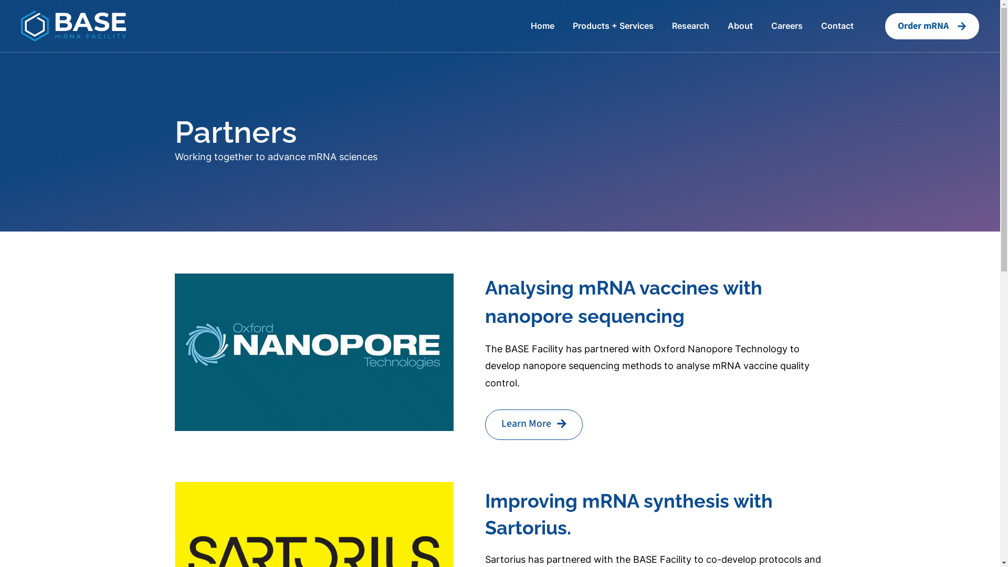 The image size is (1008, 567). Describe the element at coordinates (932, 26) in the screenshot. I see `'Order mRNA'` at that location.